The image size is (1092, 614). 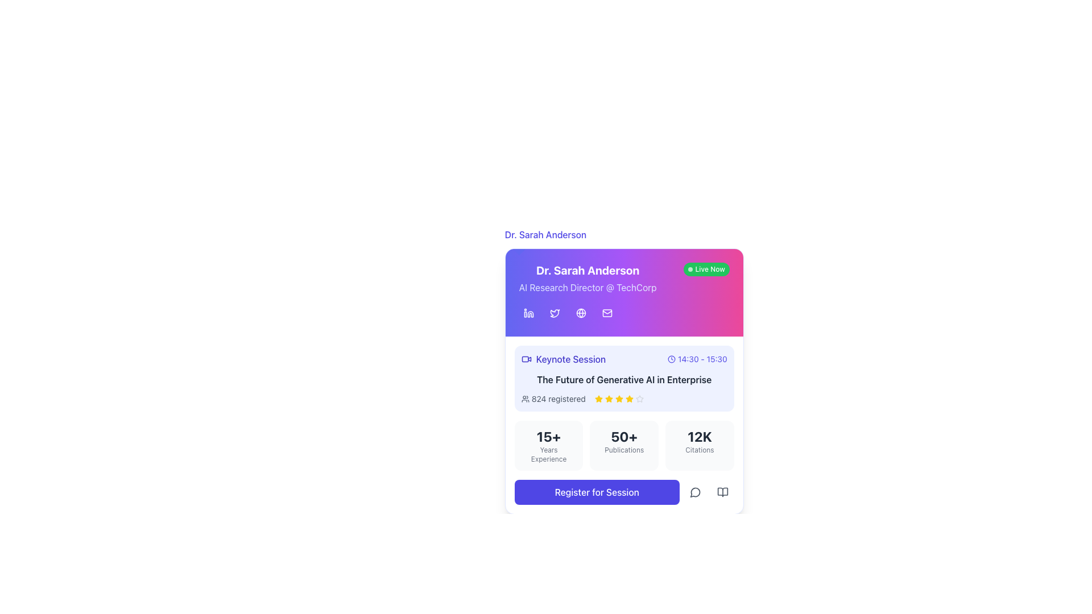 I want to click on the Display block displaying the statistic '12K' with the lower text 'Citations', located in the third column of the grid layout at the bottom right of the card, so click(x=699, y=445).